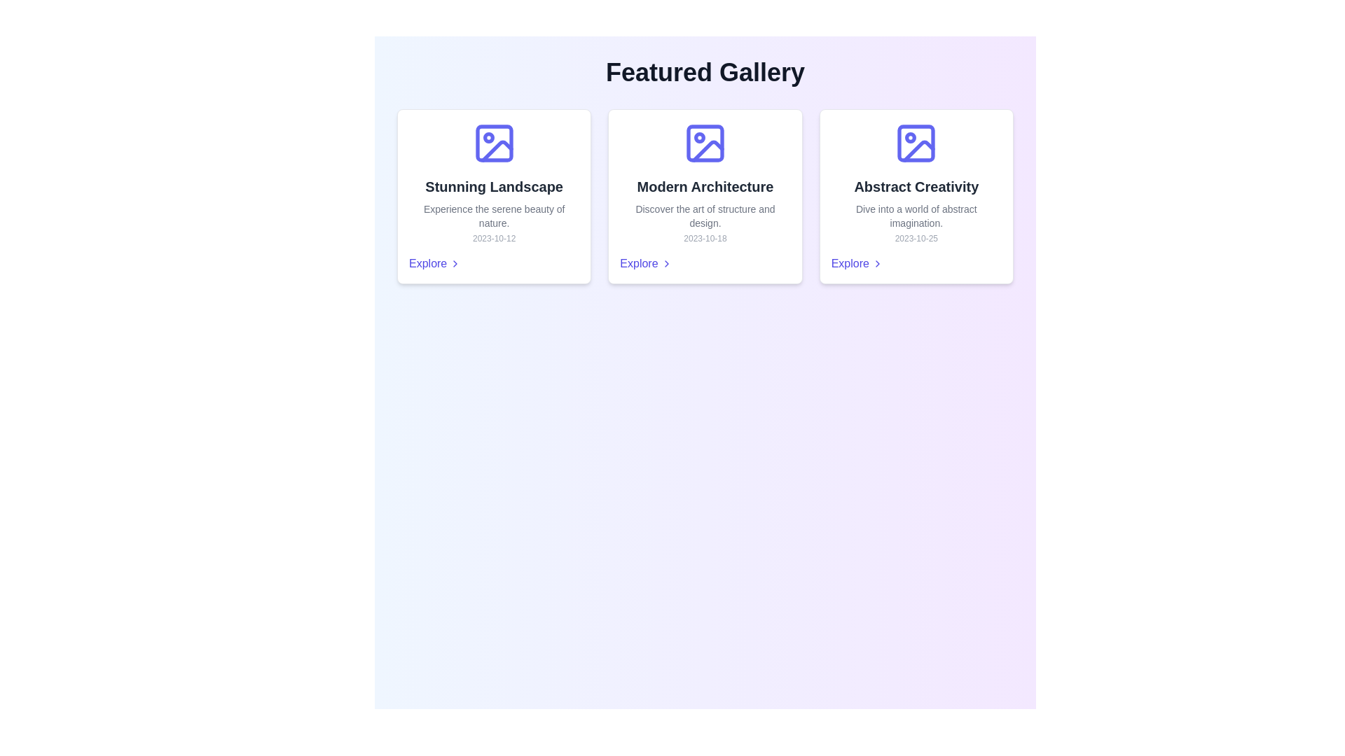 The image size is (1345, 756). Describe the element at coordinates (488, 137) in the screenshot. I see `position of the small solid circle located inside the image-like icon with a blue outline, above the text 'Stunning Landscape'` at that location.